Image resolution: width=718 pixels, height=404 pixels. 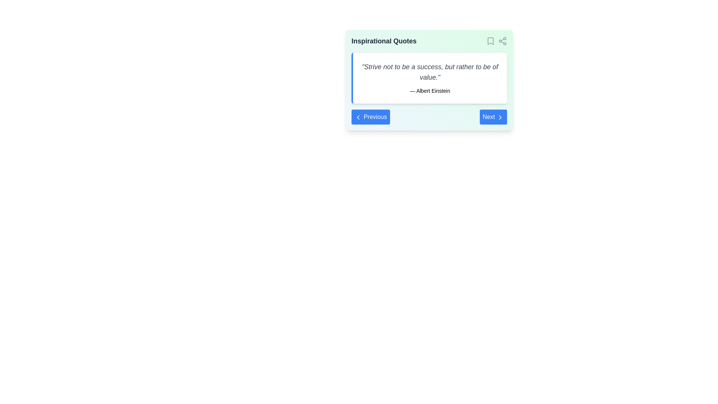 What do you see at coordinates (358, 117) in the screenshot?
I see `the 'Previous' button which contains the left-pointing chevron icon, located at the bottom-left corner of a motivational quote card` at bounding box center [358, 117].